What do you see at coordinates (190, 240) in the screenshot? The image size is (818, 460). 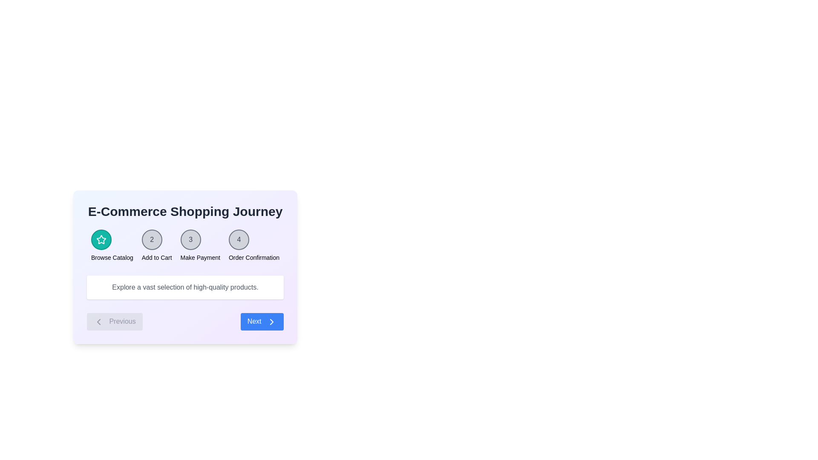 I see `the Circular step indicator button, which visually indicates the 'Make Payment' step in the e-commerce checkout process` at bounding box center [190, 240].